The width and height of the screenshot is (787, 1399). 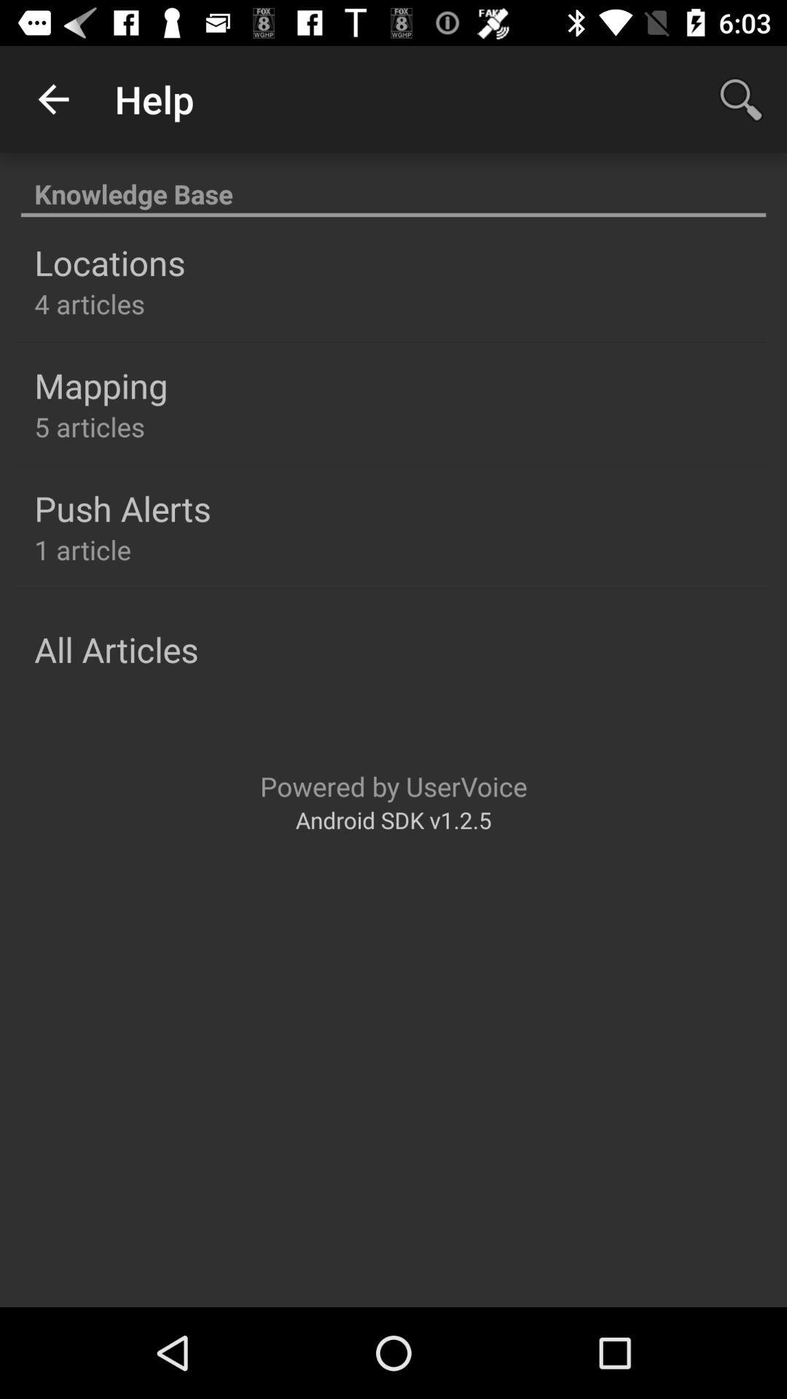 What do you see at coordinates (82, 549) in the screenshot?
I see `1 article icon` at bounding box center [82, 549].